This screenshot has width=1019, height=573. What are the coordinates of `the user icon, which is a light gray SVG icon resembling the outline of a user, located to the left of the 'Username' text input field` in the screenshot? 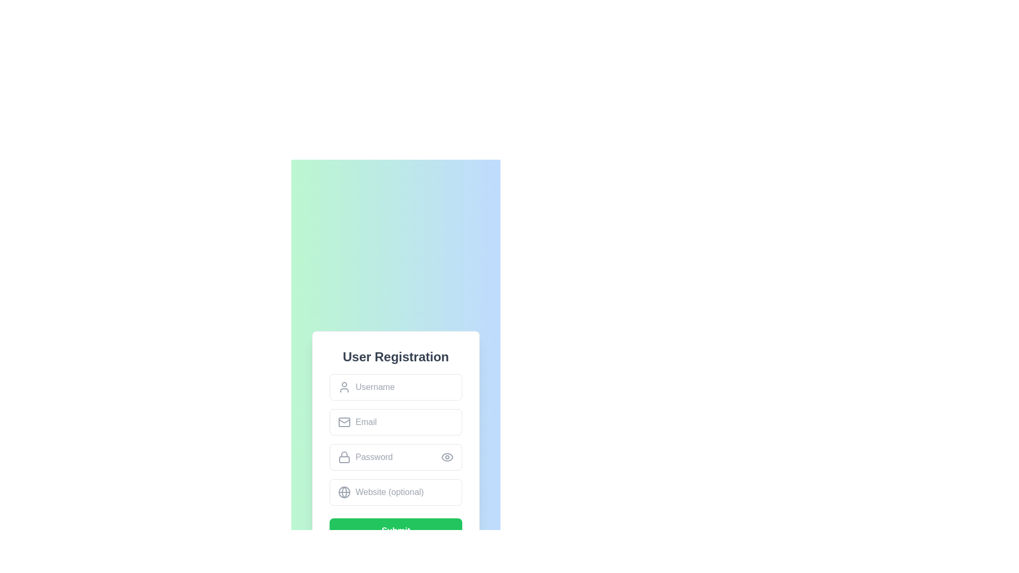 It's located at (344, 387).